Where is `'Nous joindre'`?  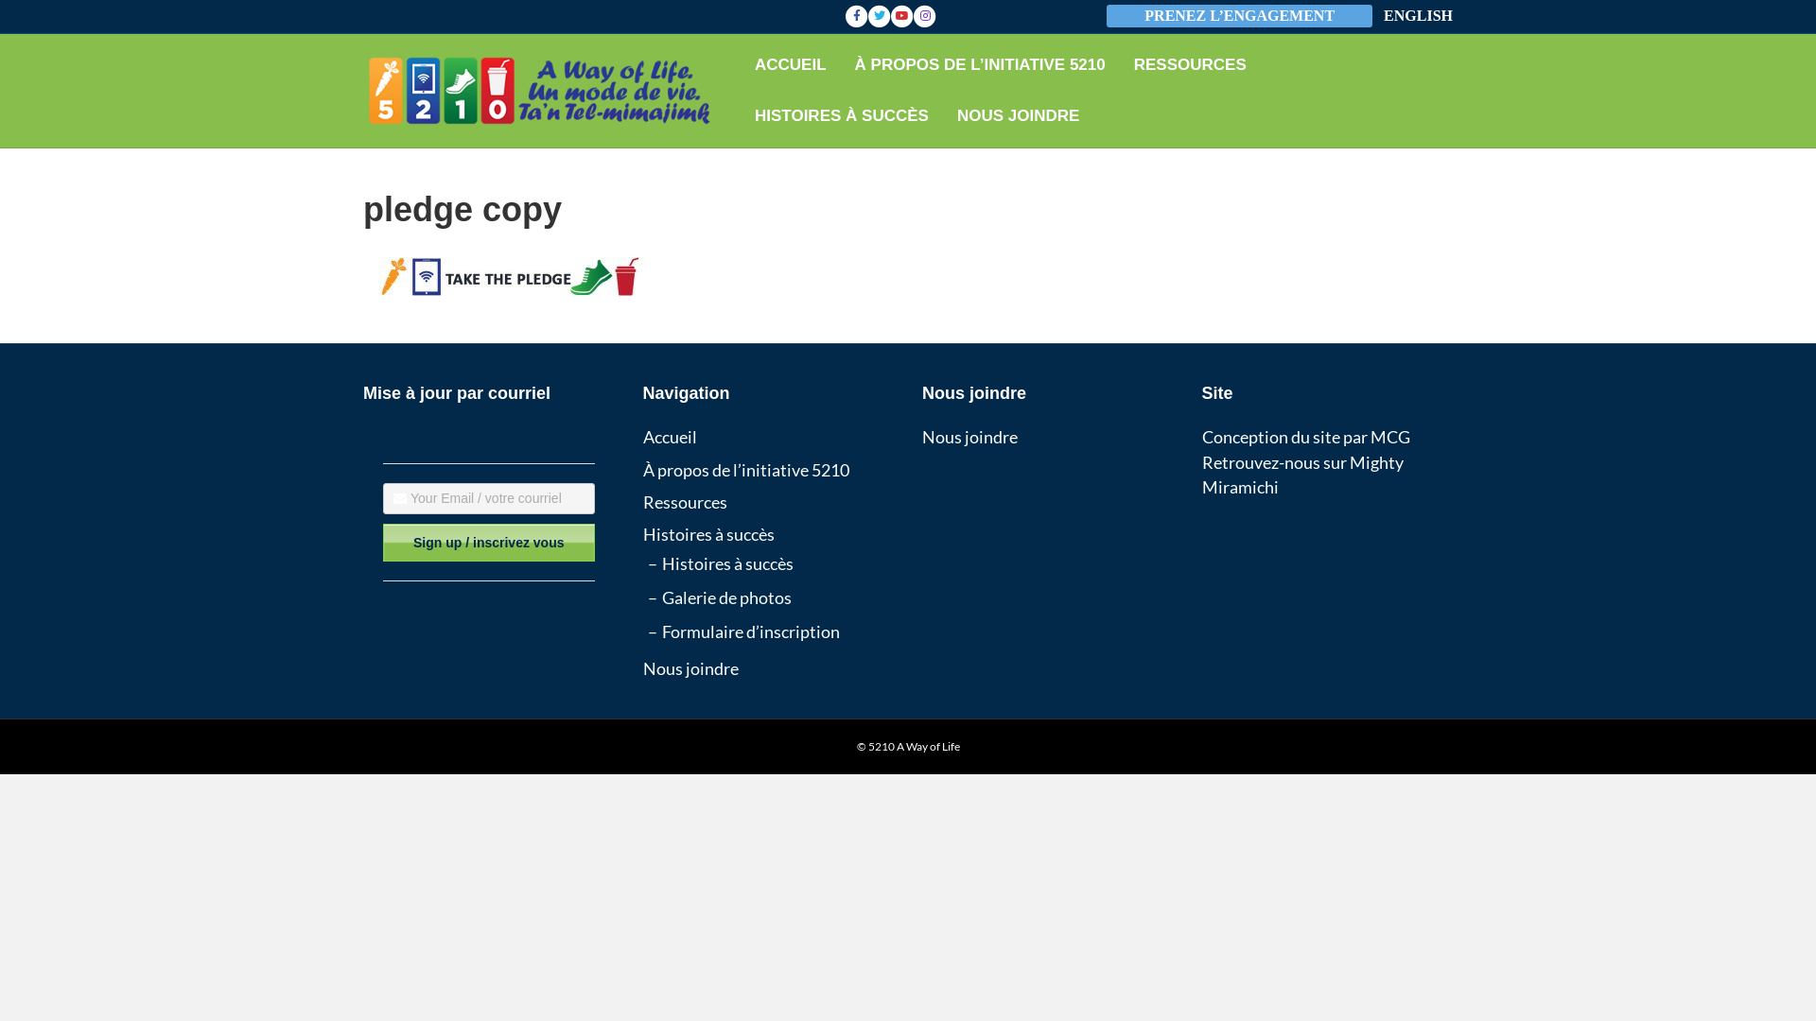 'Nous joindre' is located at coordinates (969, 437).